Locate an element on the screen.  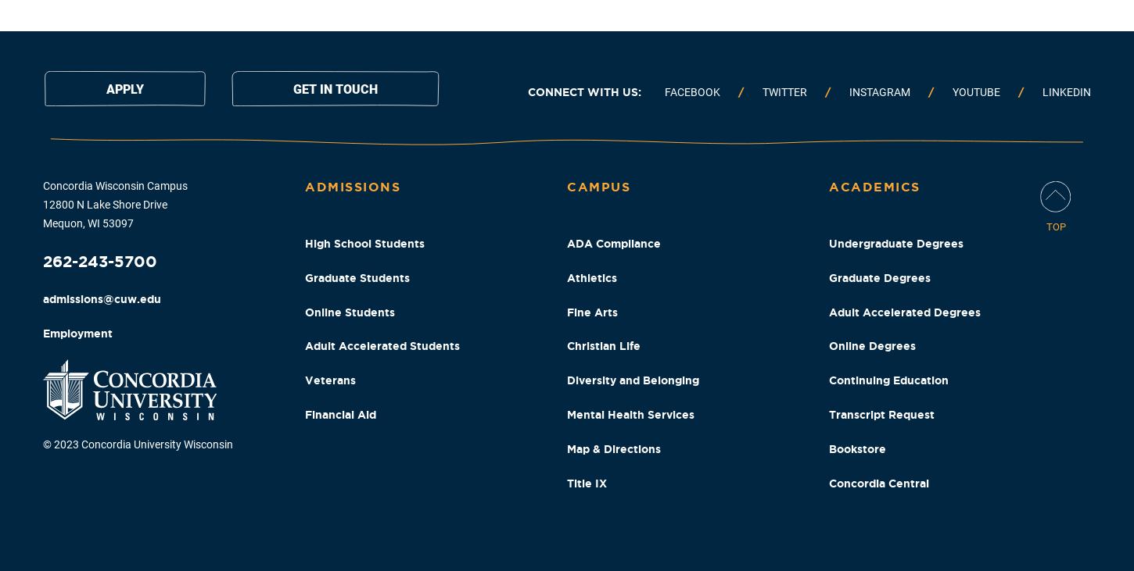
'Continuing Education' is located at coordinates (888, 380).